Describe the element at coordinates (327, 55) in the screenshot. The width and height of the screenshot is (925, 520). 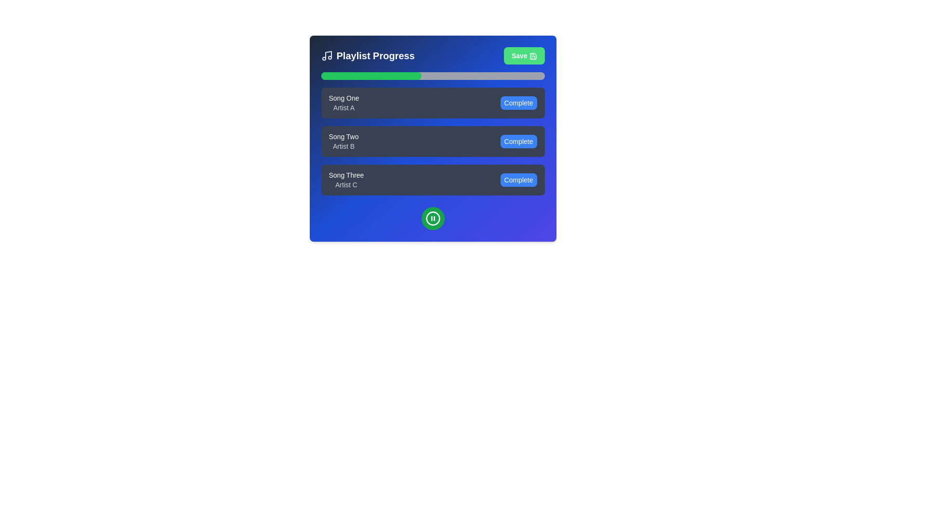
I see `the gray music notation icon located near the top-left corner of the 'Playlist Progress' section` at that location.